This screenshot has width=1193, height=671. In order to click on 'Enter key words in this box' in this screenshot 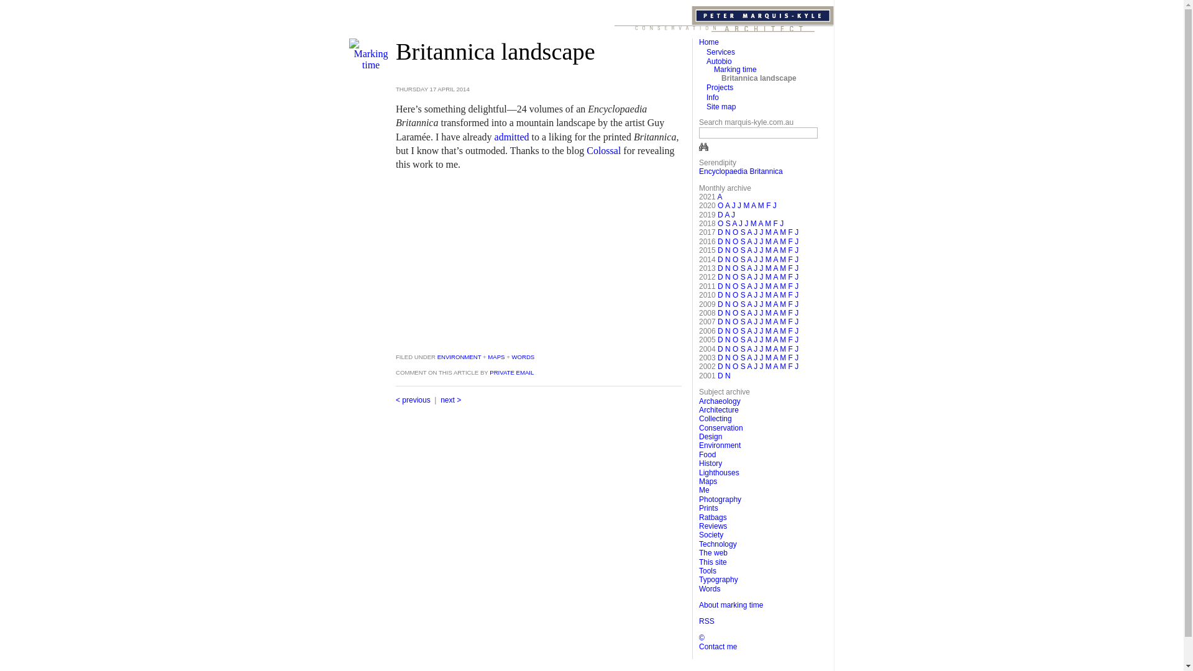, I will do `click(757, 132)`.